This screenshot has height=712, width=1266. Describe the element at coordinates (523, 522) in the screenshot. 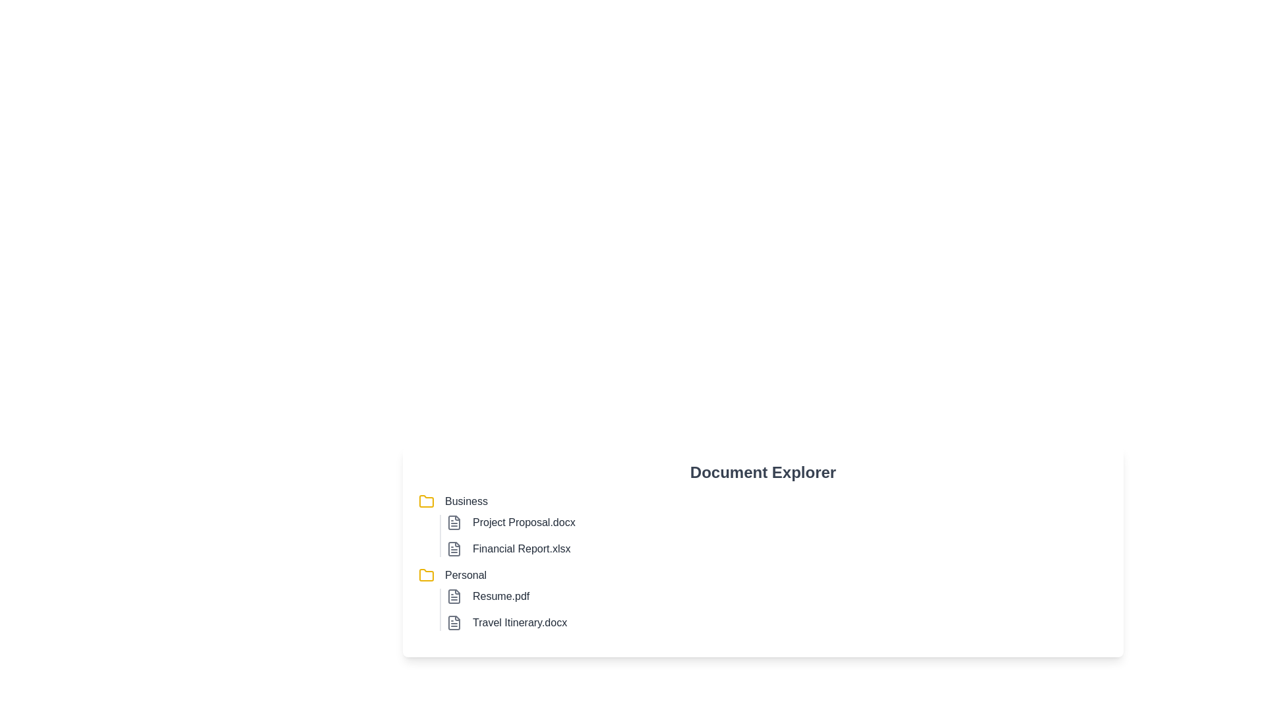

I see `the text label displaying 'Project Proposal.docx'` at that location.